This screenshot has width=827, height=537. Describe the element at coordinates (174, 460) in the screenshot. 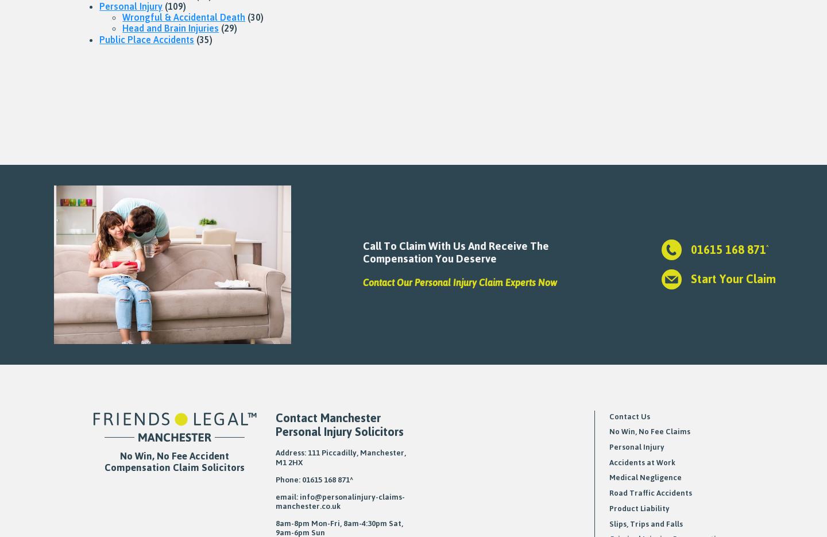

I see `'No Win, No Fee Accident Compensation Claim Solicitors'` at that location.